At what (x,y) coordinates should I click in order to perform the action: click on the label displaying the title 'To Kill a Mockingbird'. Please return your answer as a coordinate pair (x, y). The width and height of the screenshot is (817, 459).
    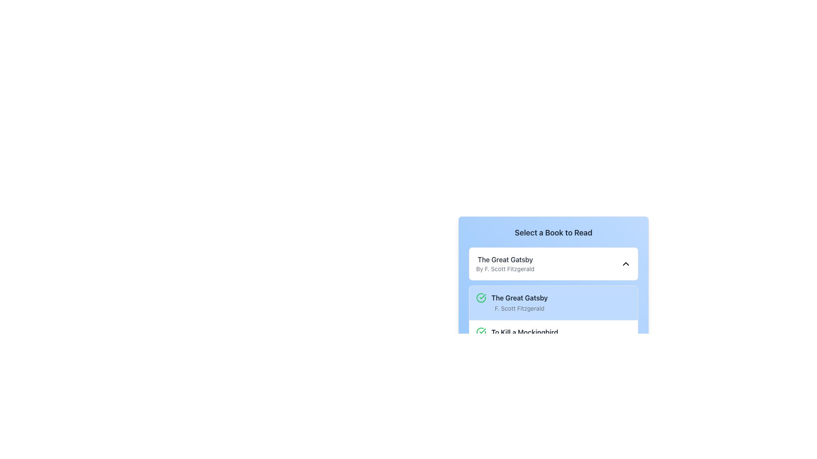
    Looking at the image, I should click on (524, 332).